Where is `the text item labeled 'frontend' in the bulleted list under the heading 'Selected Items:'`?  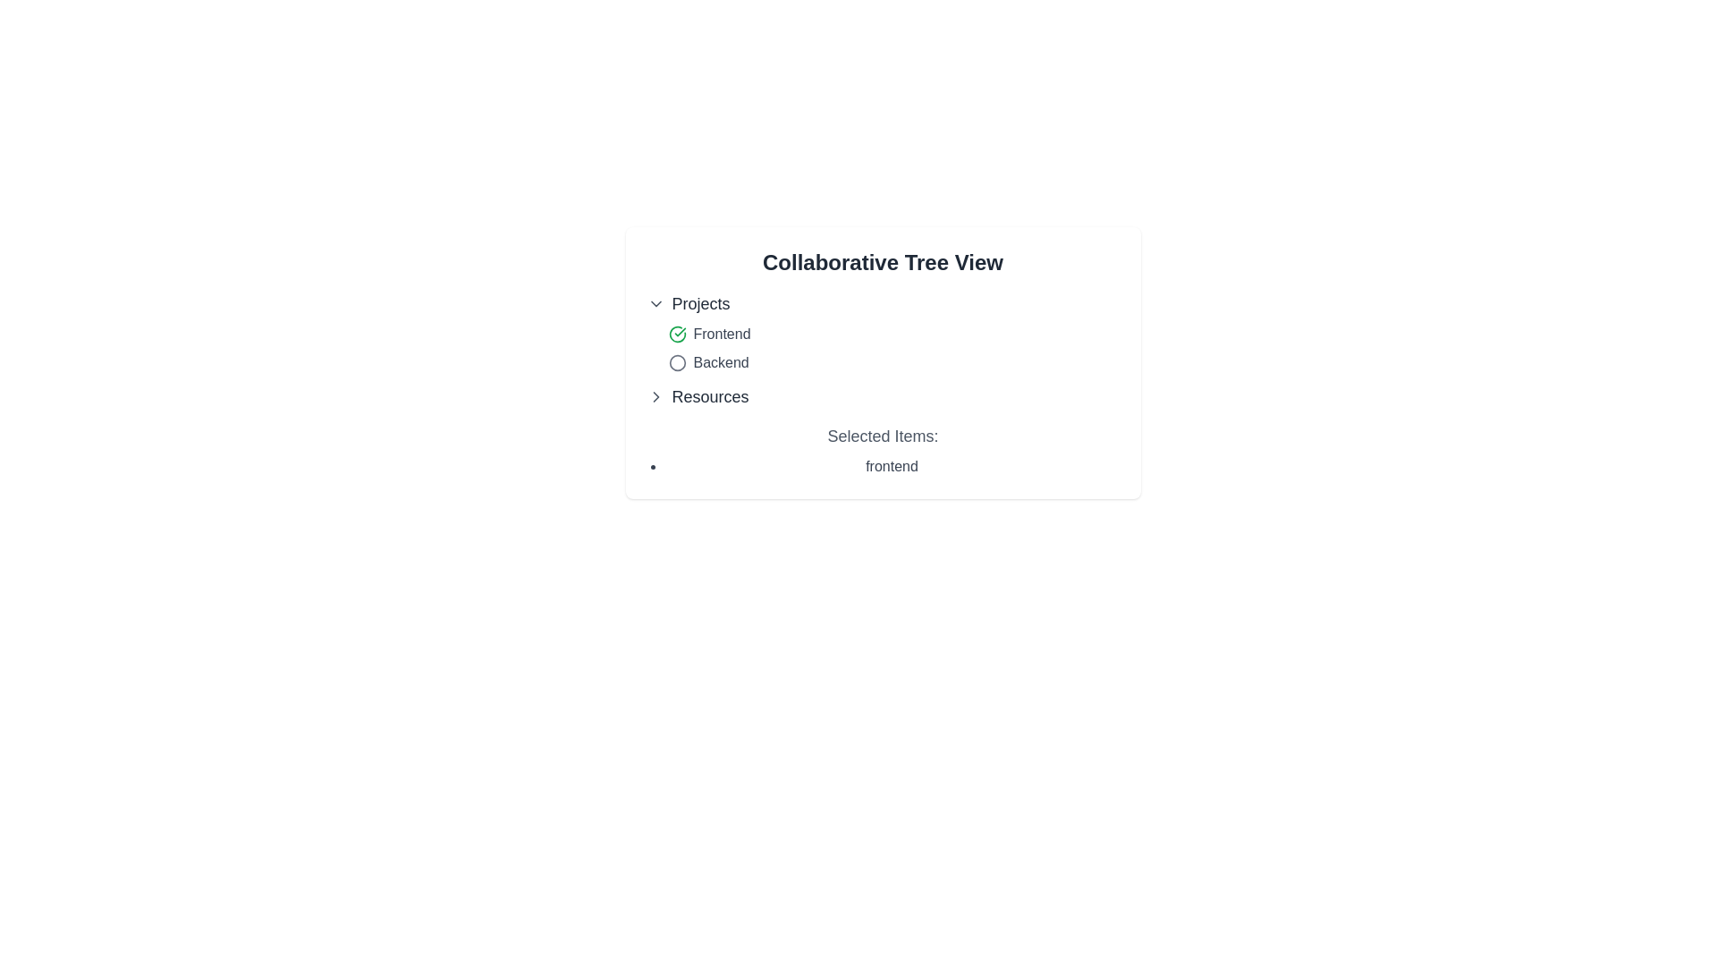
the text item labeled 'frontend' in the bulleted list under the heading 'Selected Items:' is located at coordinates (892, 465).